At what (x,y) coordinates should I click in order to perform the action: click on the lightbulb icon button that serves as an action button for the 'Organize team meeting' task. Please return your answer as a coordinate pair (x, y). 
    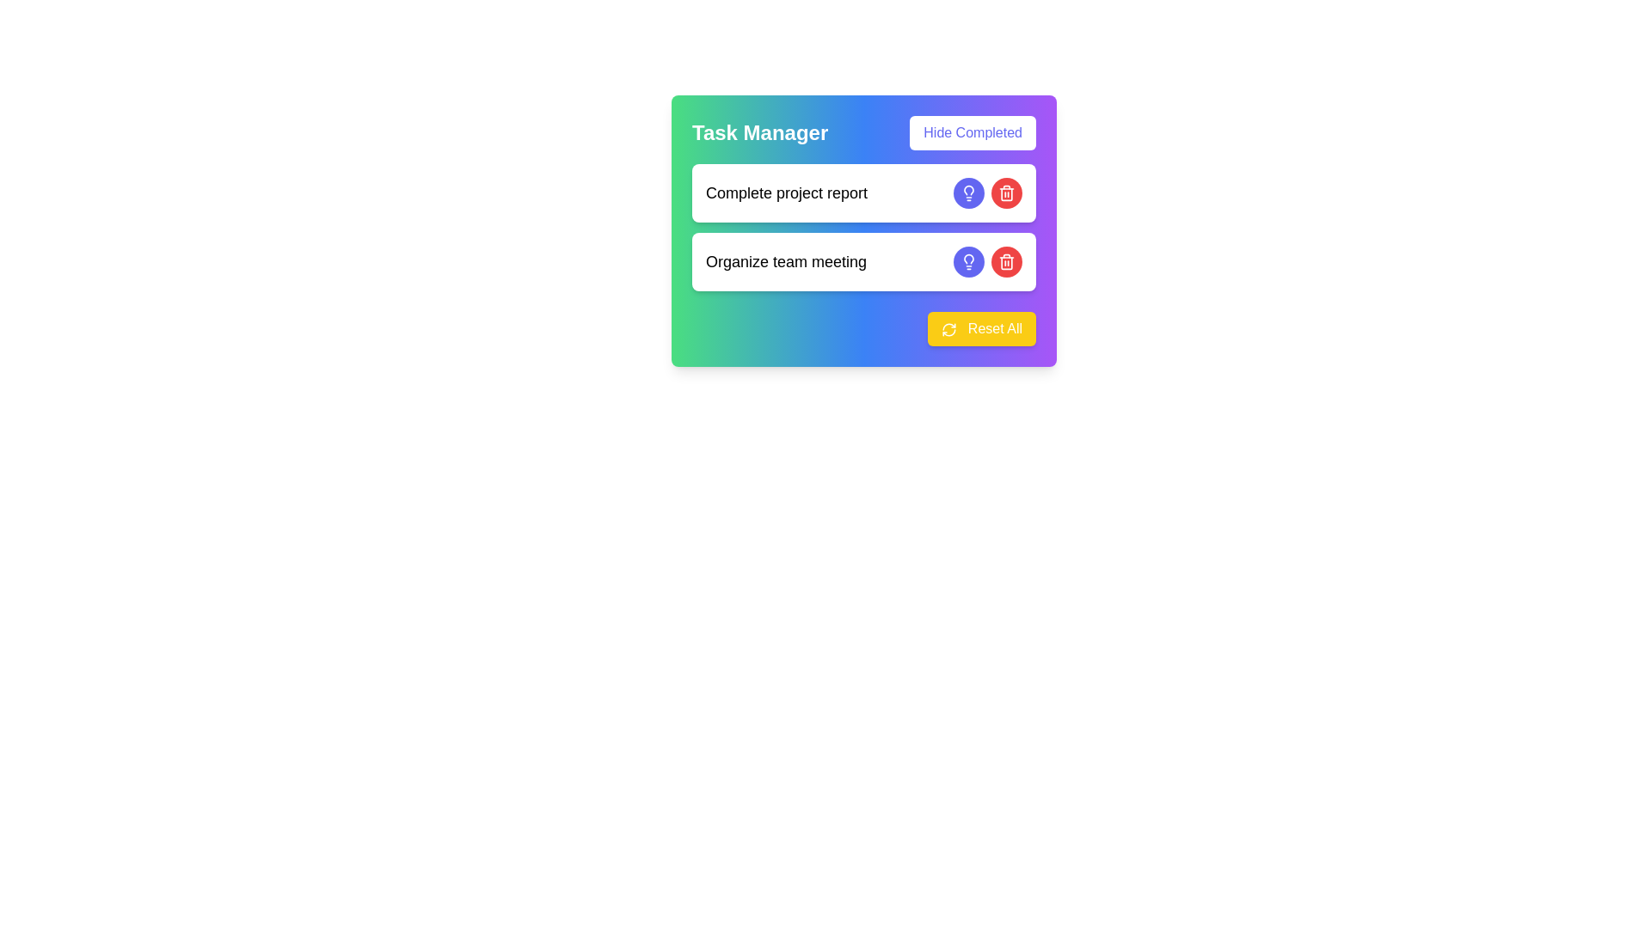
    Looking at the image, I should click on (969, 261).